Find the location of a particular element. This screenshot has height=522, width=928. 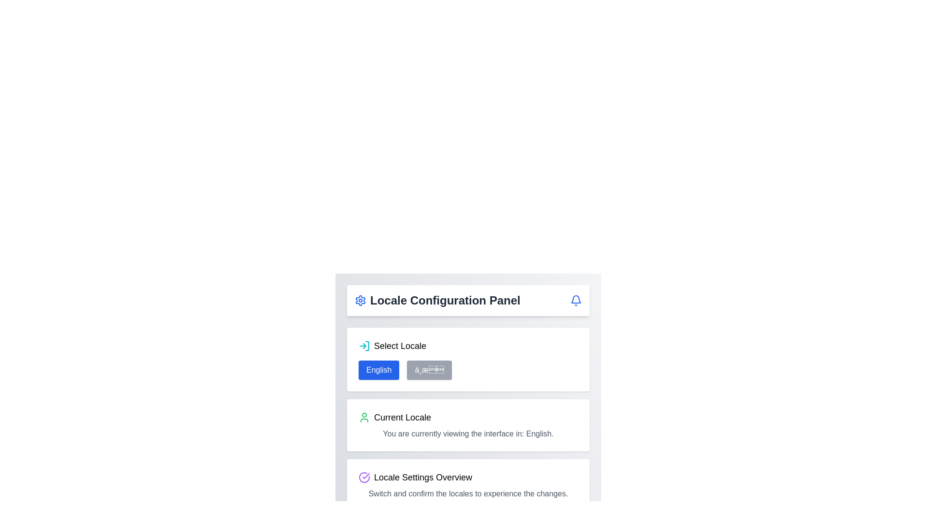

text from the title or heading Text block located at the bottom section of the card-like panel is located at coordinates (468, 477).